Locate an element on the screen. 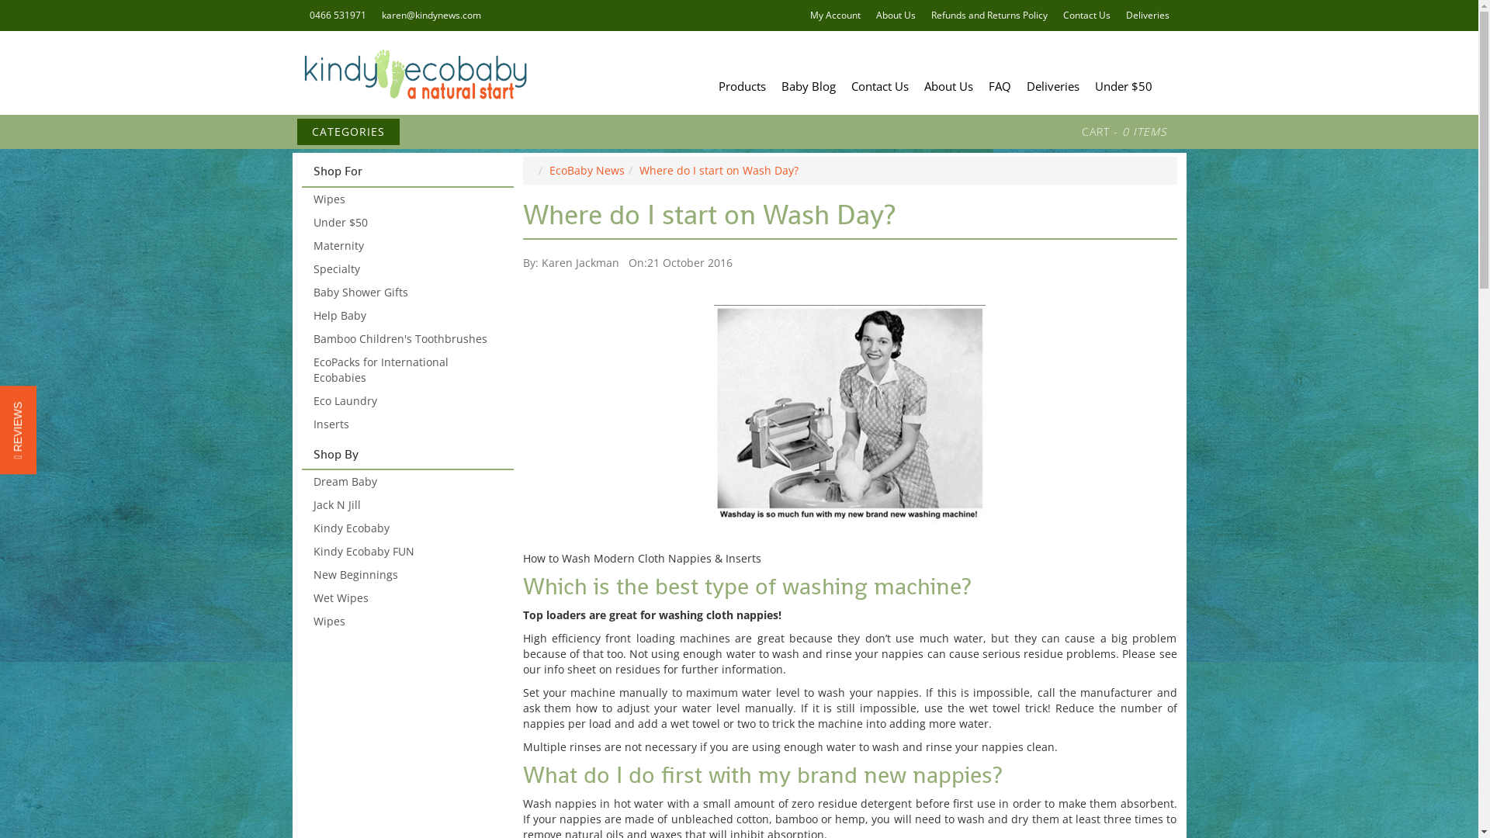  'Kindy Ecobaby' is located at coordinates (413, 72).